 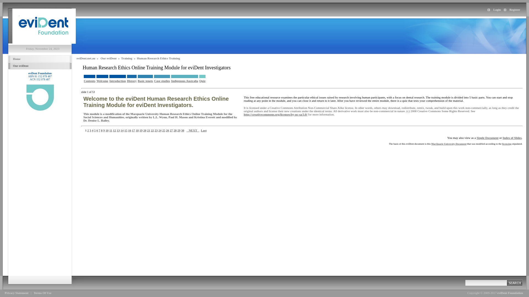 What do you see at coordinates (12, 42) in the screenshot?
I see `'eviDent Foundation'` at bounding box center [12, 42].